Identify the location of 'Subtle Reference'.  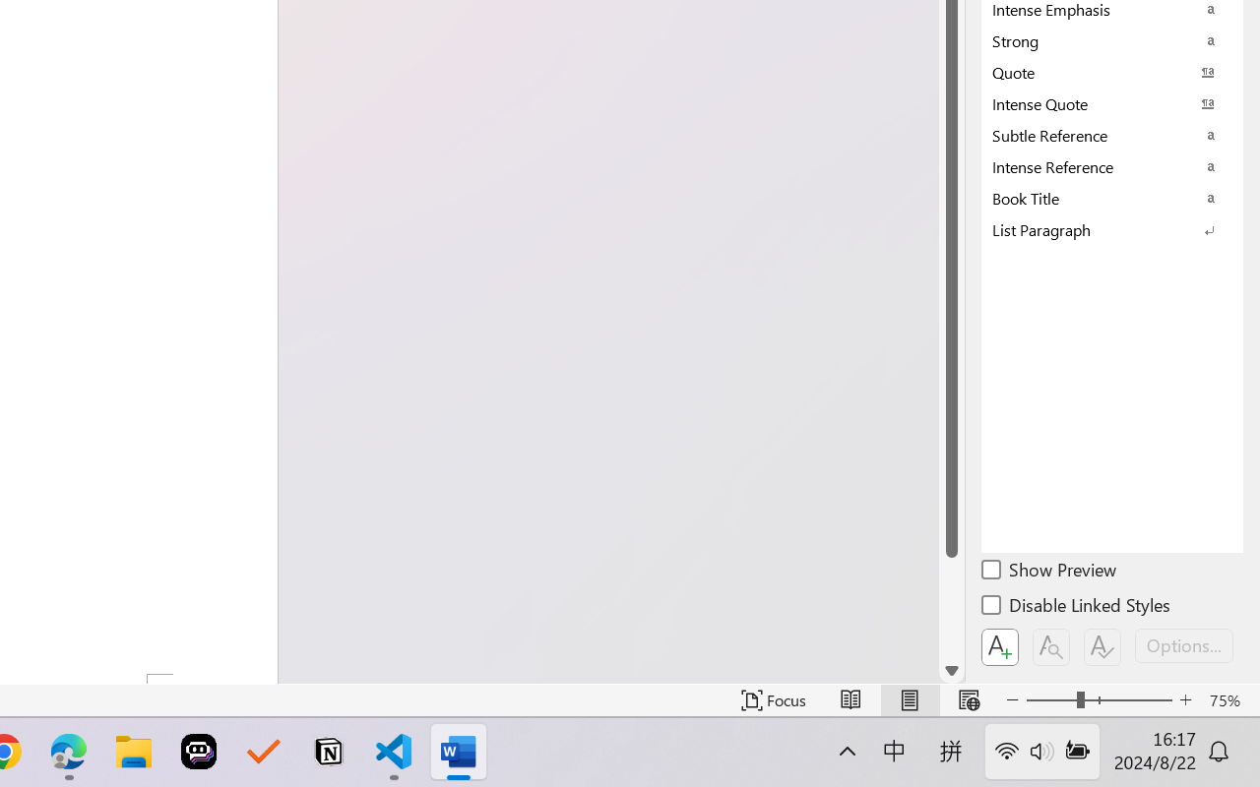
(1112, 135).